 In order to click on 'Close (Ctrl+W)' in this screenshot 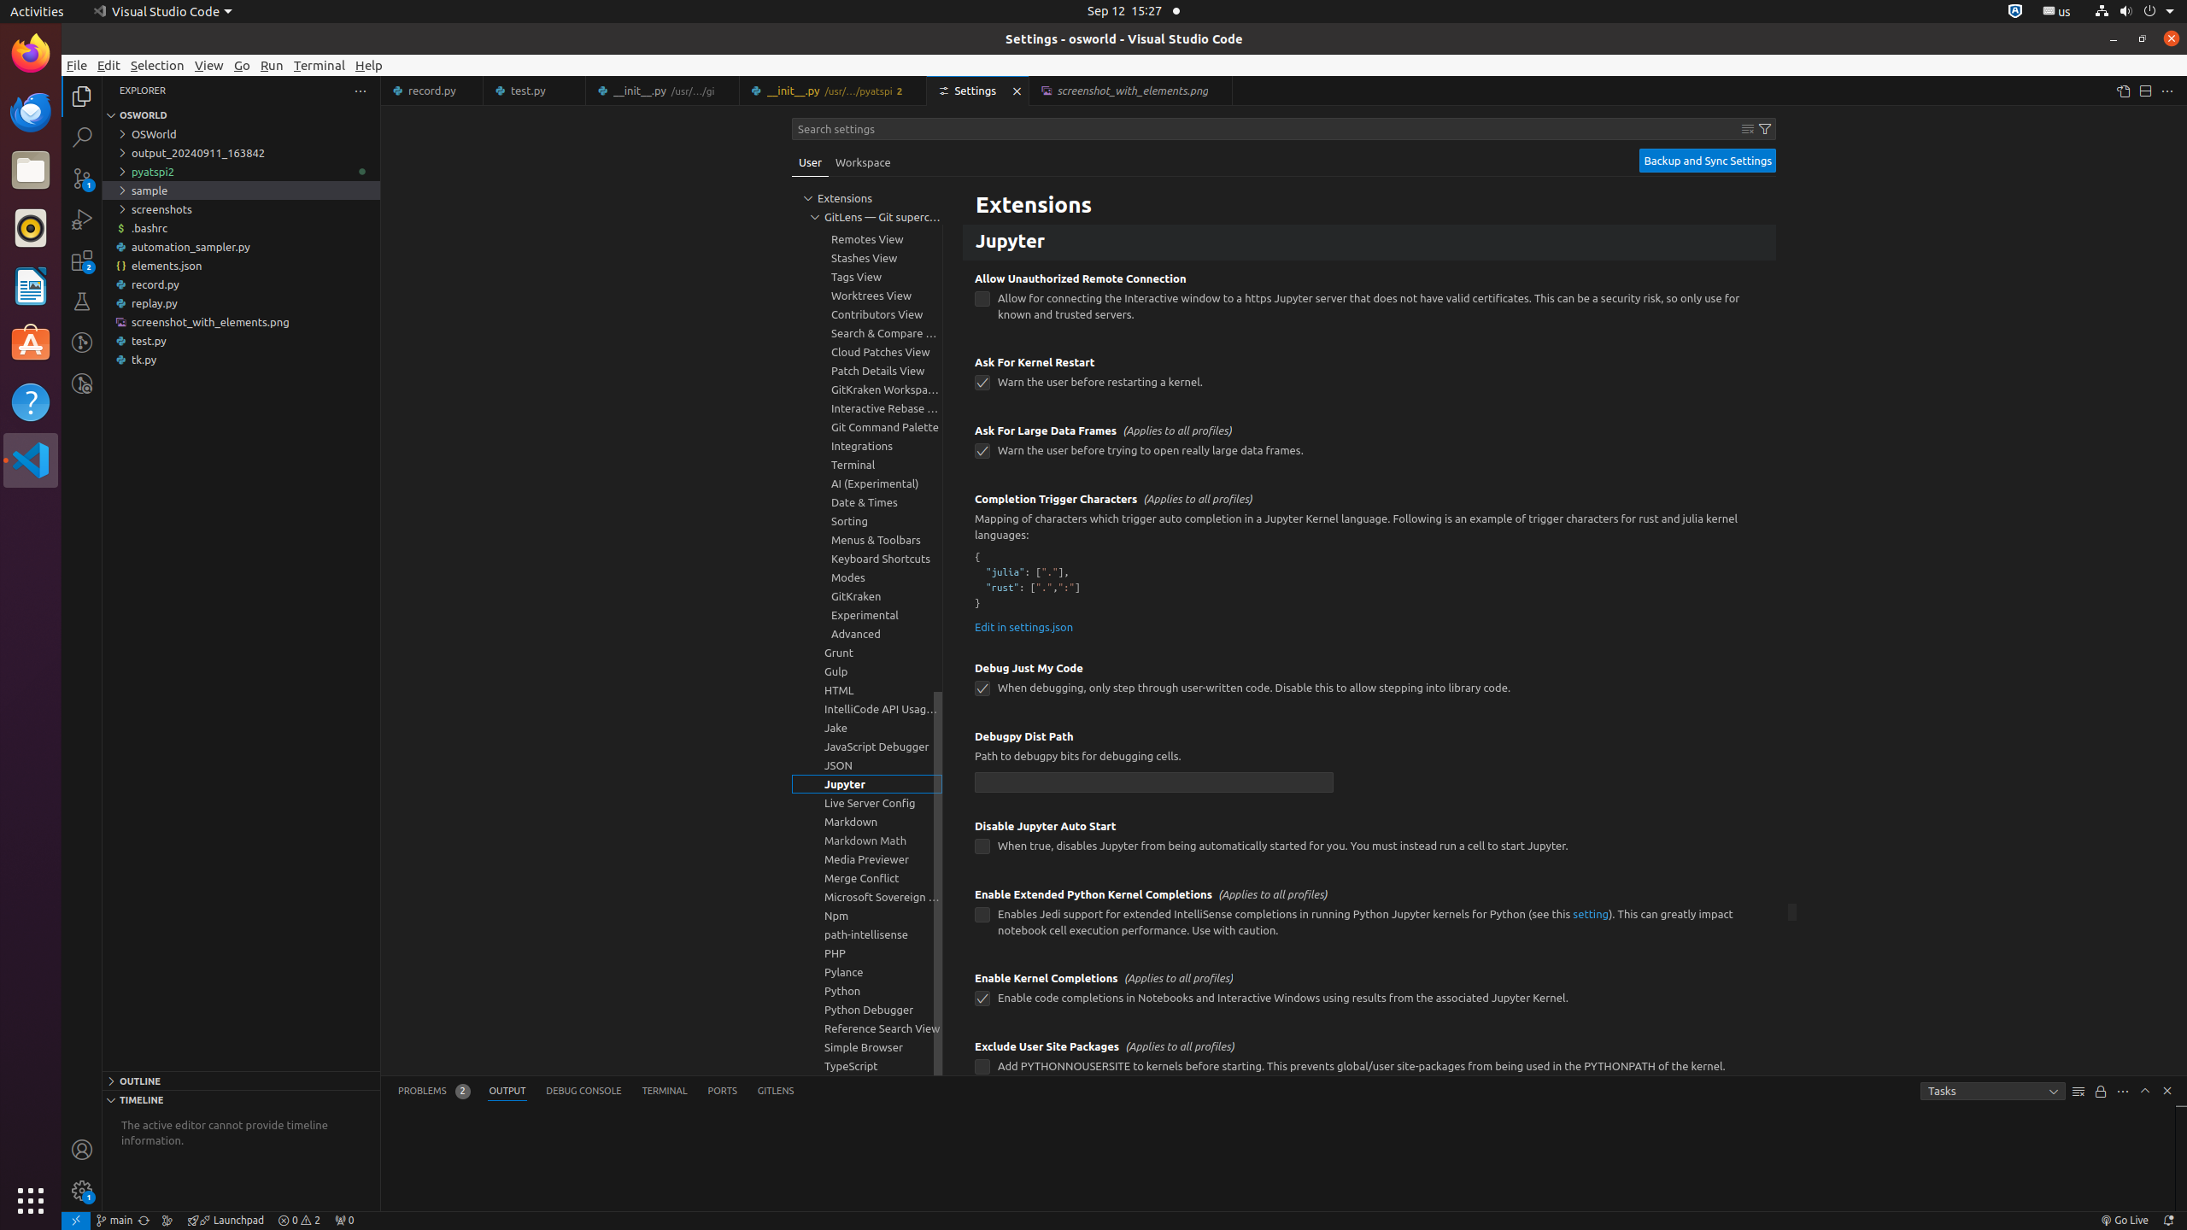, I will do `click(1219, 91)`.